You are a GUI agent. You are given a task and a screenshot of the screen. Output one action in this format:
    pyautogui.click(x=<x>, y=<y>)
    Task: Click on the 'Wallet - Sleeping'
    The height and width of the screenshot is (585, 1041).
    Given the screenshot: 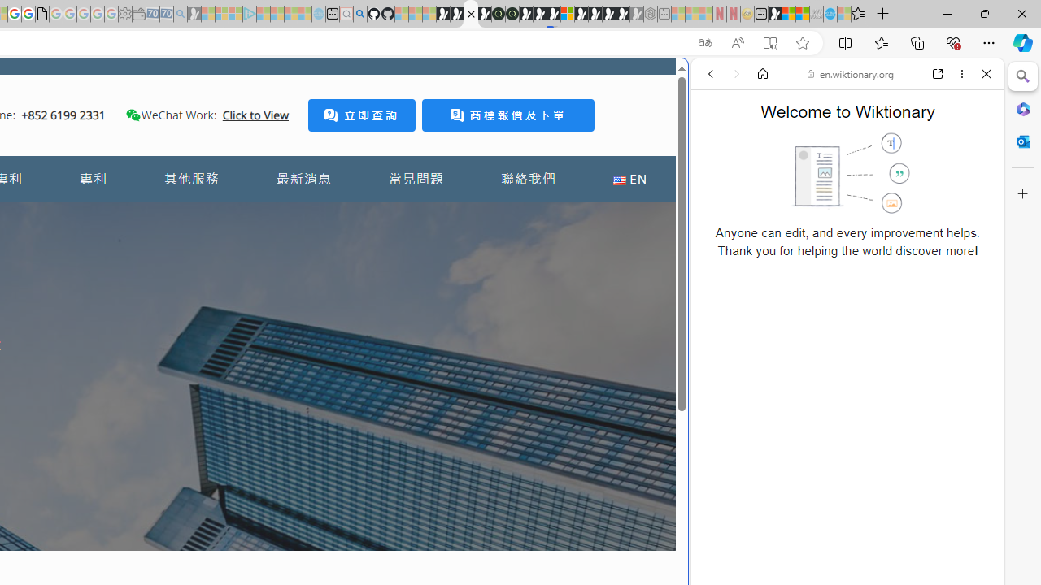 What is the action you would take?
    pyautogui.click(x=138, y=14)
    